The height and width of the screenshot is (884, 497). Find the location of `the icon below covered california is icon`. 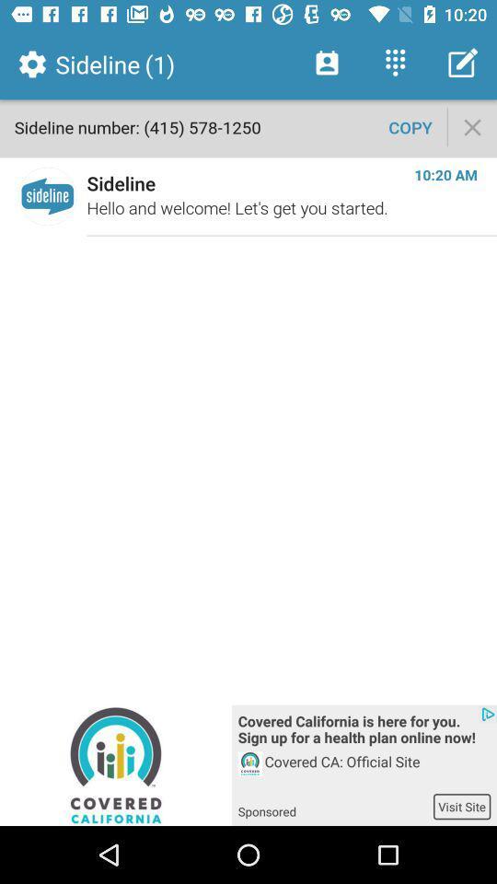

the icon below covered california is icon is located at coordinates (376, 772).